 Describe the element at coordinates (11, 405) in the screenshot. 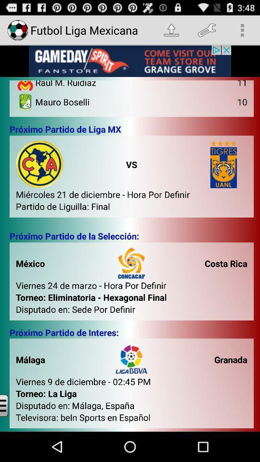

I see `open sidebar` at that location.